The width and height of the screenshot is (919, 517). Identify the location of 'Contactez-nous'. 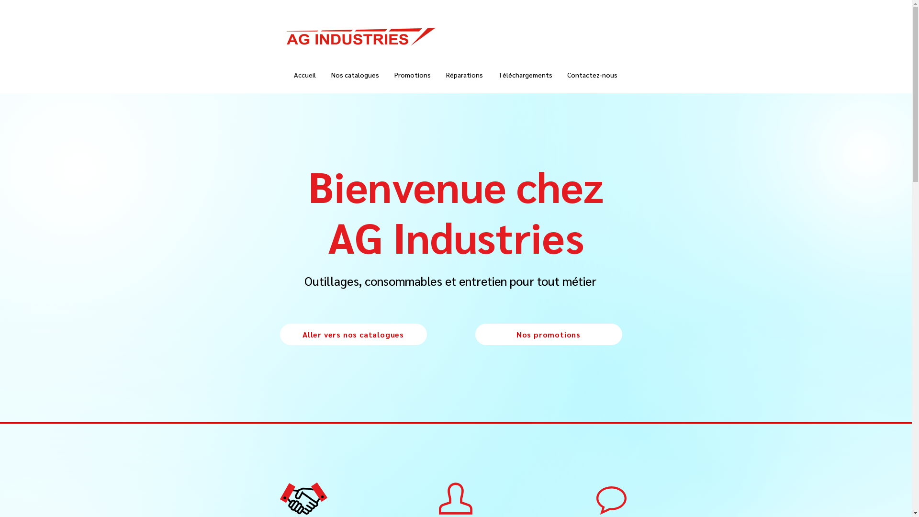
(592, 74).